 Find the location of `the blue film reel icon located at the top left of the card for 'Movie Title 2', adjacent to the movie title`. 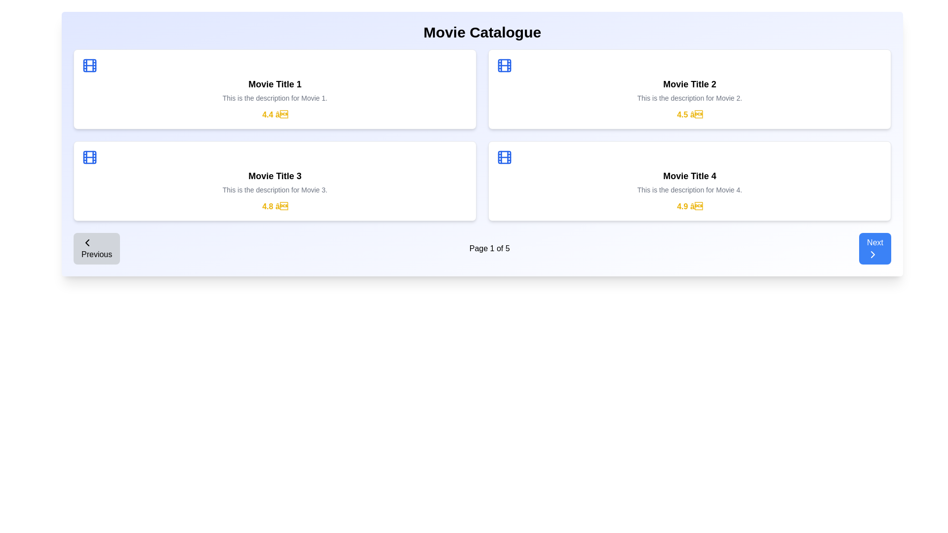

the blue film reel icon located at the top left of the card for 'Movie Title 2', adjacent to the movie title is located at coordinates (505, 65).